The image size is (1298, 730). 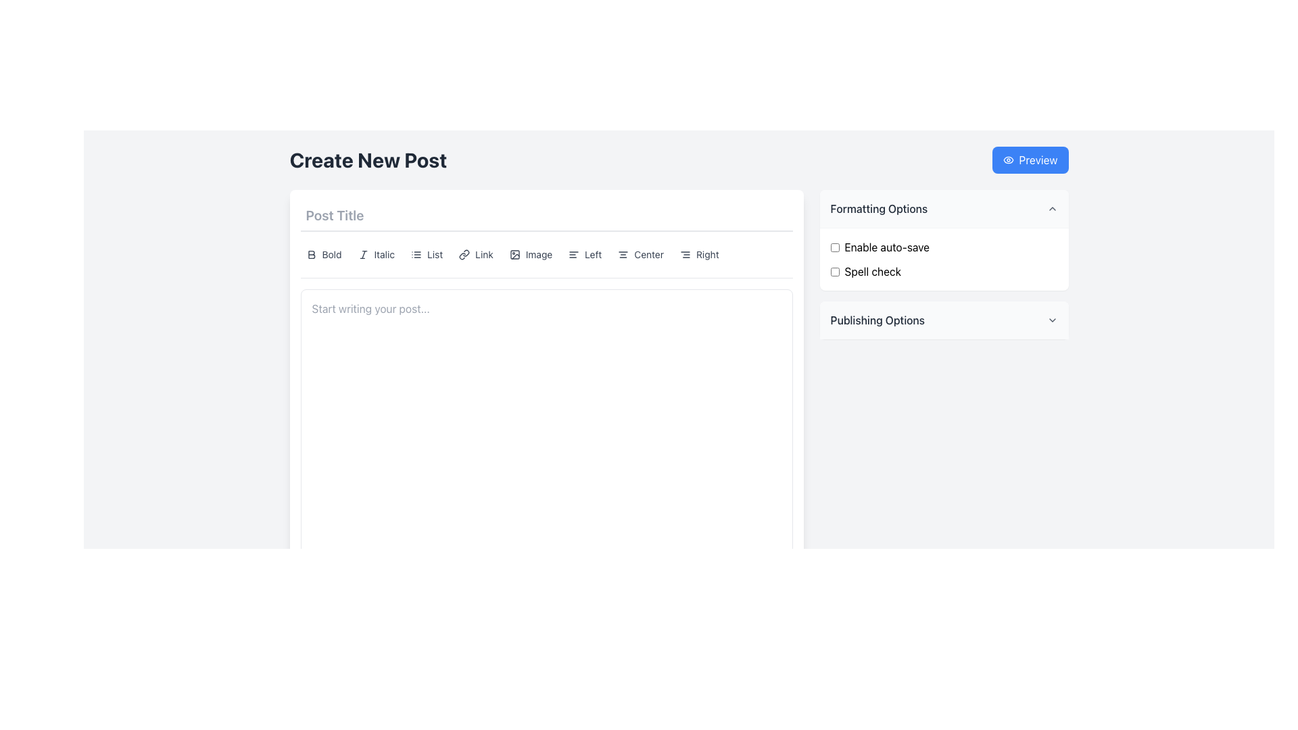 I want to click on the left alignment button in the toolbar section of the 'Create New Post' interface to align text to the left, so click(x=574, y=255).